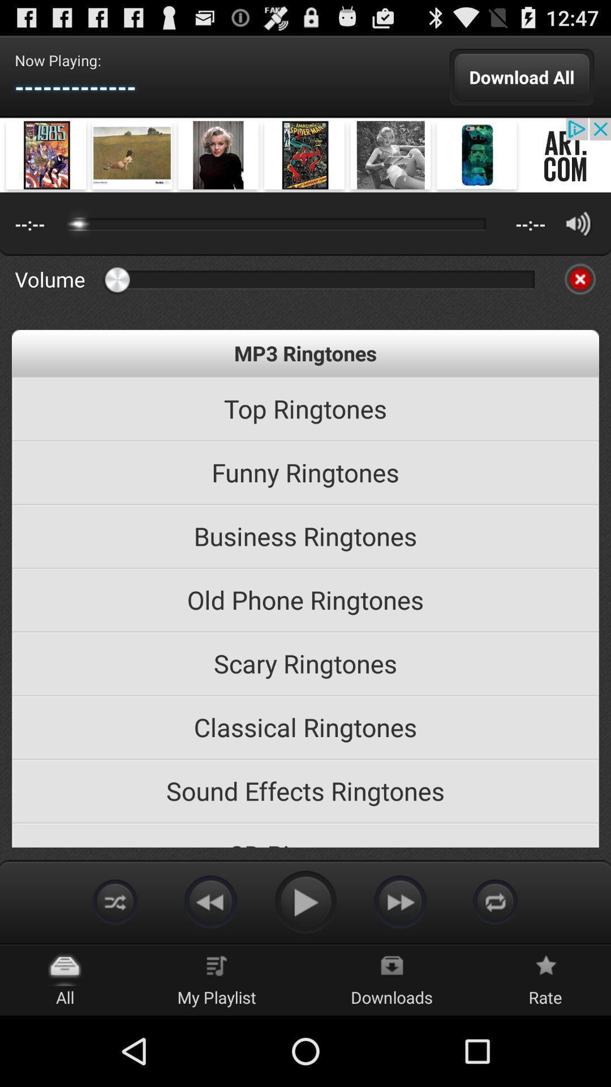 The image size is (611, 1087). I want to click on volume, so click(578, 224).